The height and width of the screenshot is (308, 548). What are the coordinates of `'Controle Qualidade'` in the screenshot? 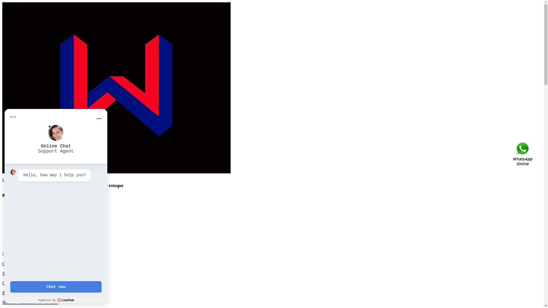 It's located at (20, 283).